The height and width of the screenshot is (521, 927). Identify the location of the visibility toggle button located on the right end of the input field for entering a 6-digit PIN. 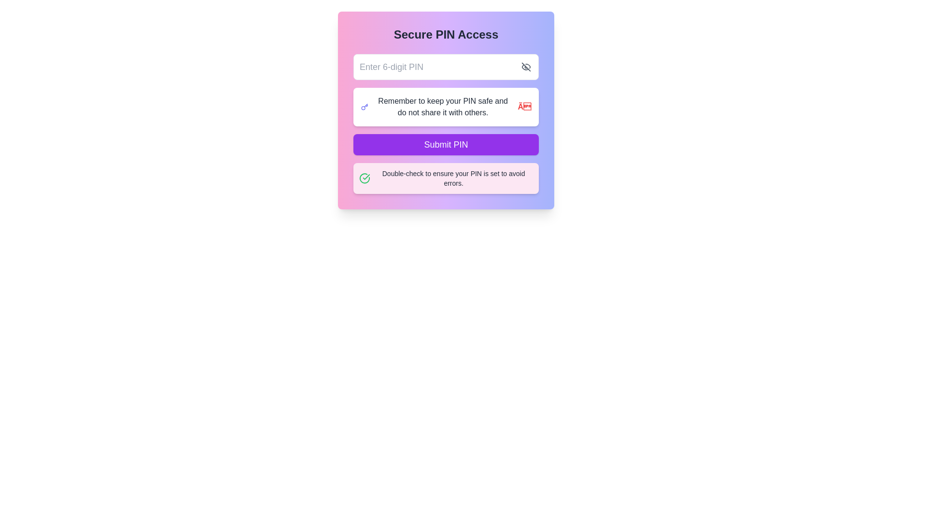
(525, 66).